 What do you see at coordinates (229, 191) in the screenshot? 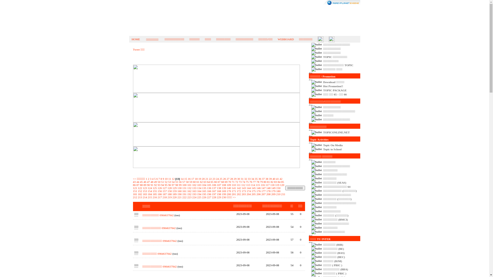
I see `'170'` at bounding box center [229, 191].